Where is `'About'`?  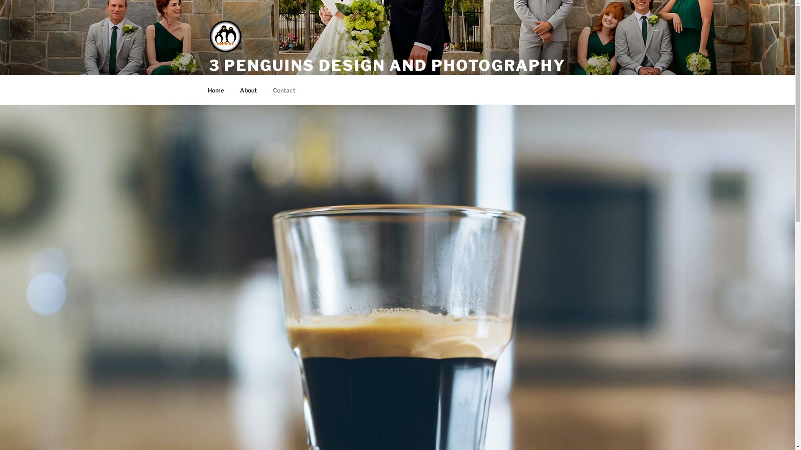
'About' is located at coordinates (248, 90).